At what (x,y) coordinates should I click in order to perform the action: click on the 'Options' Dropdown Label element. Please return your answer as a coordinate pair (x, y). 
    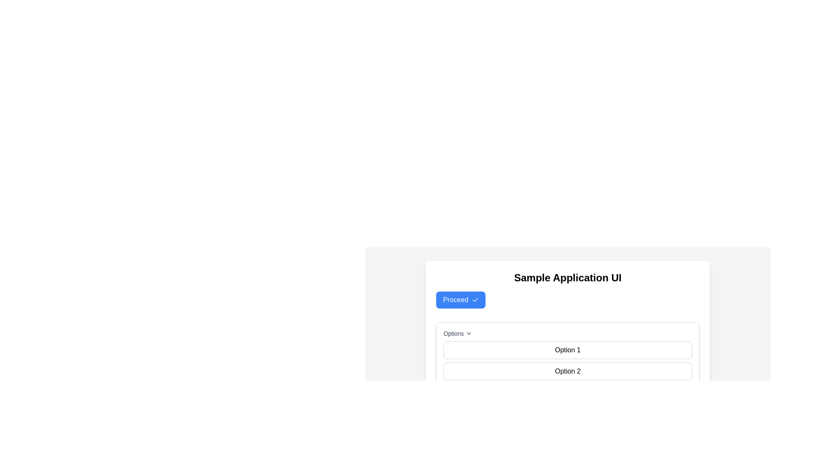
    Looking at the image, I should click on (568, 333).